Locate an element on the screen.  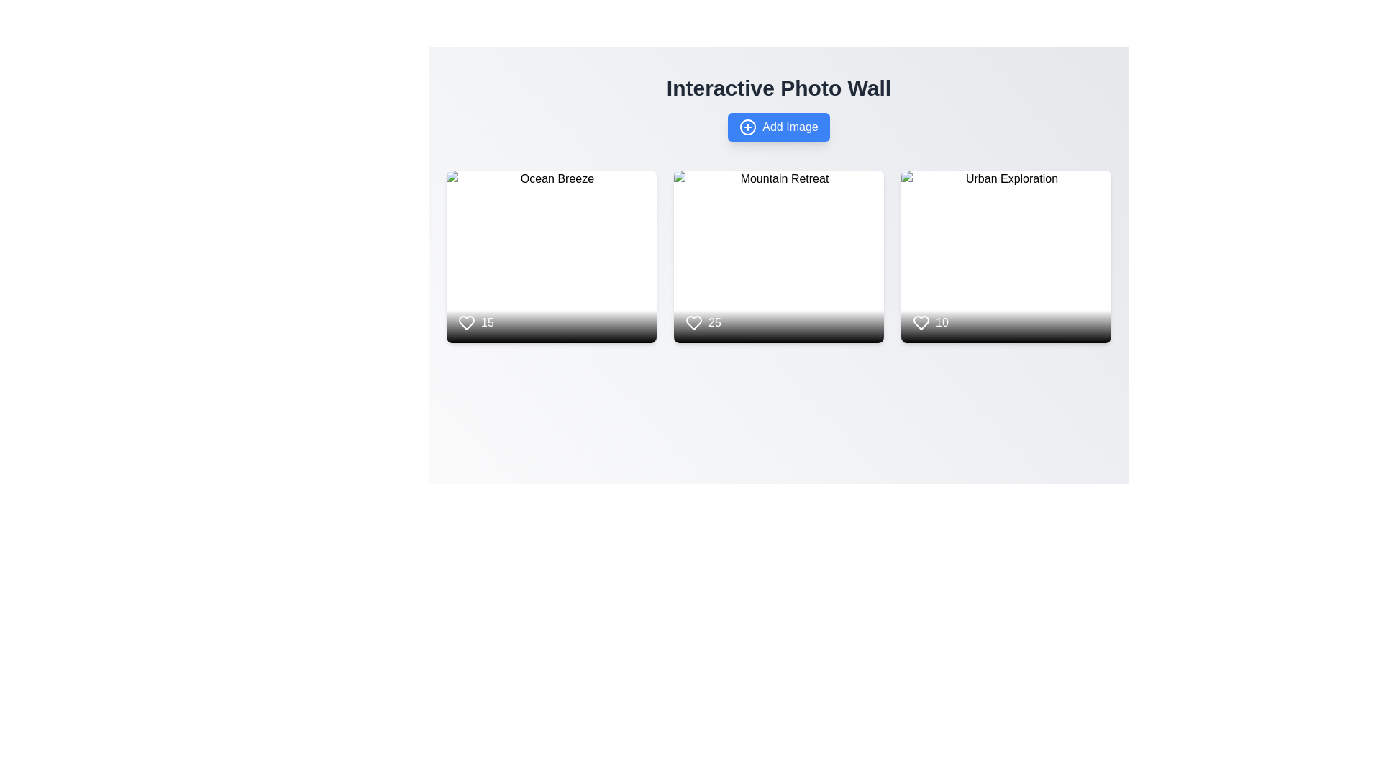
the blue 'Add Image' button that contains the SVG Circle is located at coordinates (748, 127).